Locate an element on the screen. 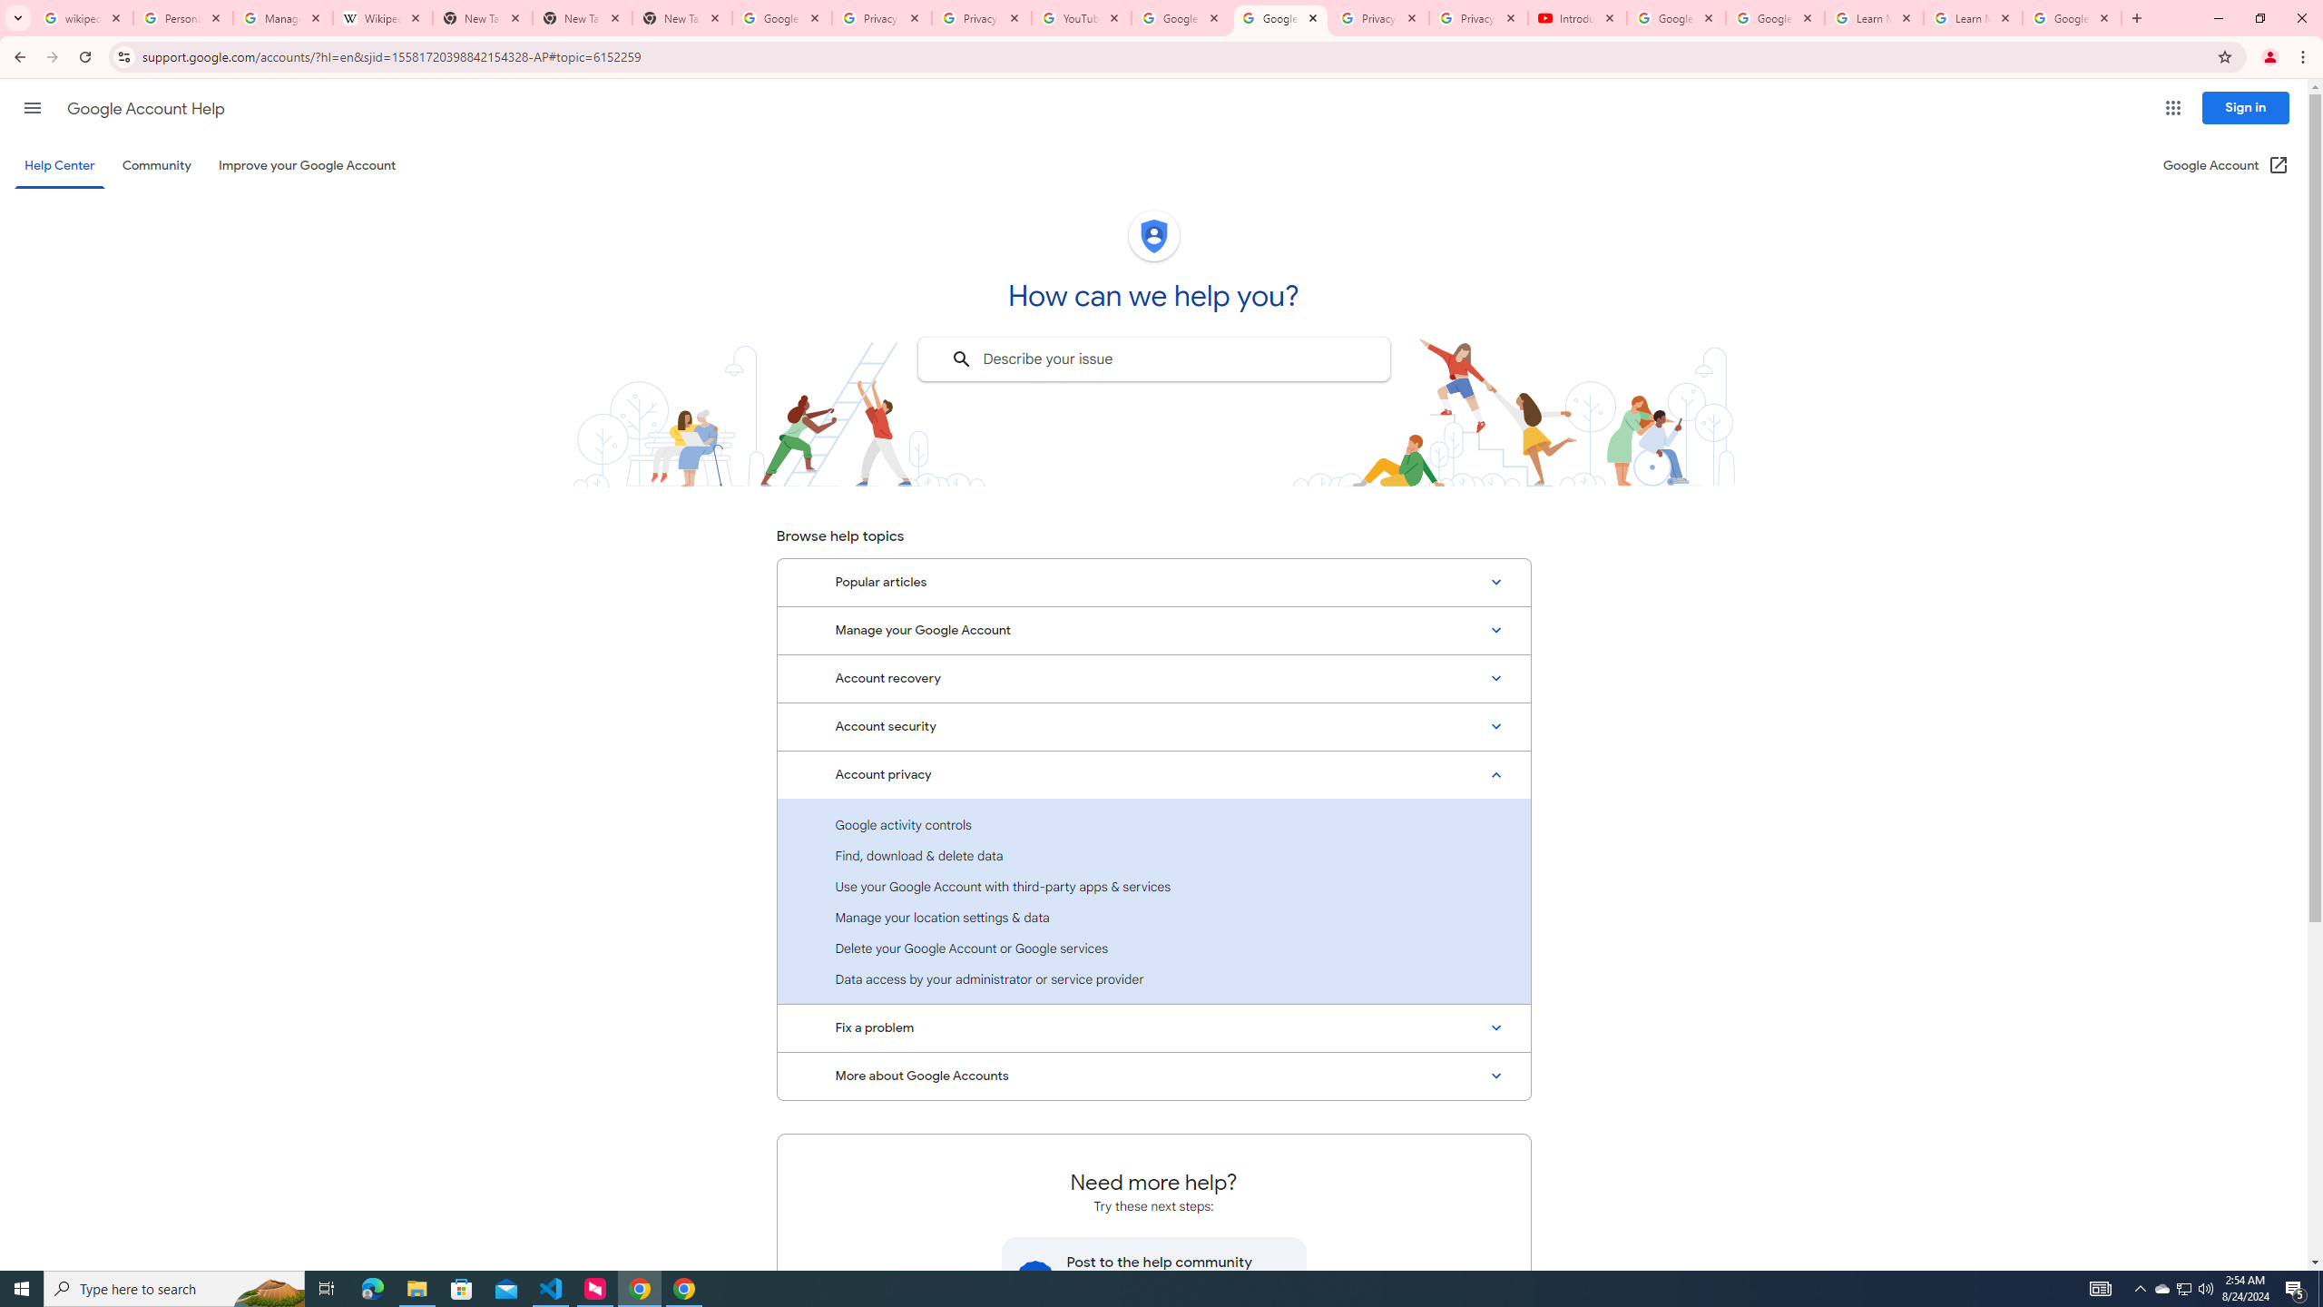  'Main menu' is located at coordinates (31, 107).